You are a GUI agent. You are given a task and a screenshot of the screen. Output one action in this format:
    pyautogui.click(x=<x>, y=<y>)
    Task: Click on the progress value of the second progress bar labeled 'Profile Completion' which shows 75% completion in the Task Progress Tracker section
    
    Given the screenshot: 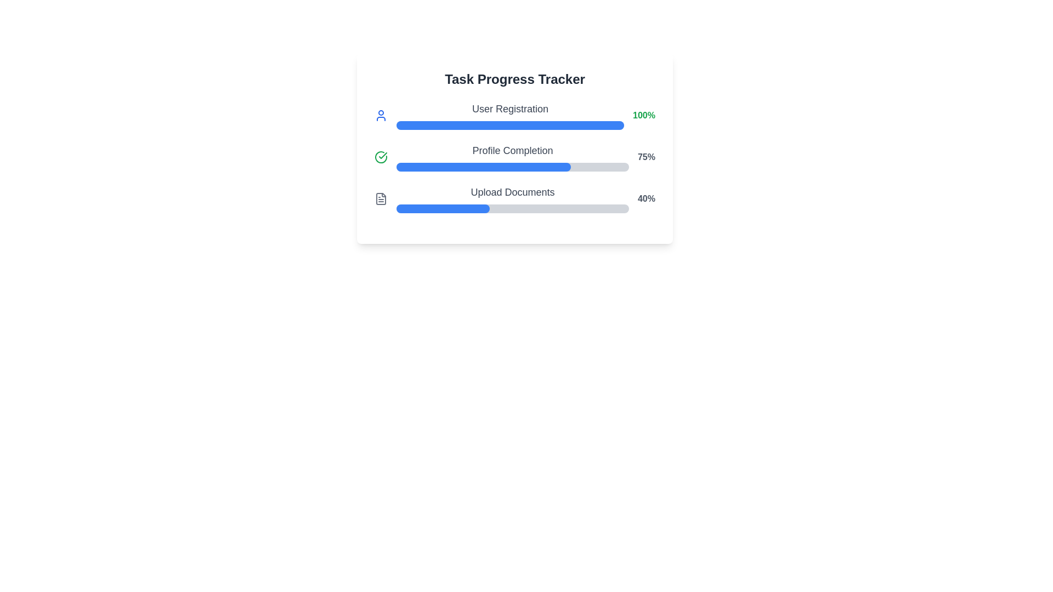 What is the action you would take?
    pyautogui.click(x=514, y=157)
    